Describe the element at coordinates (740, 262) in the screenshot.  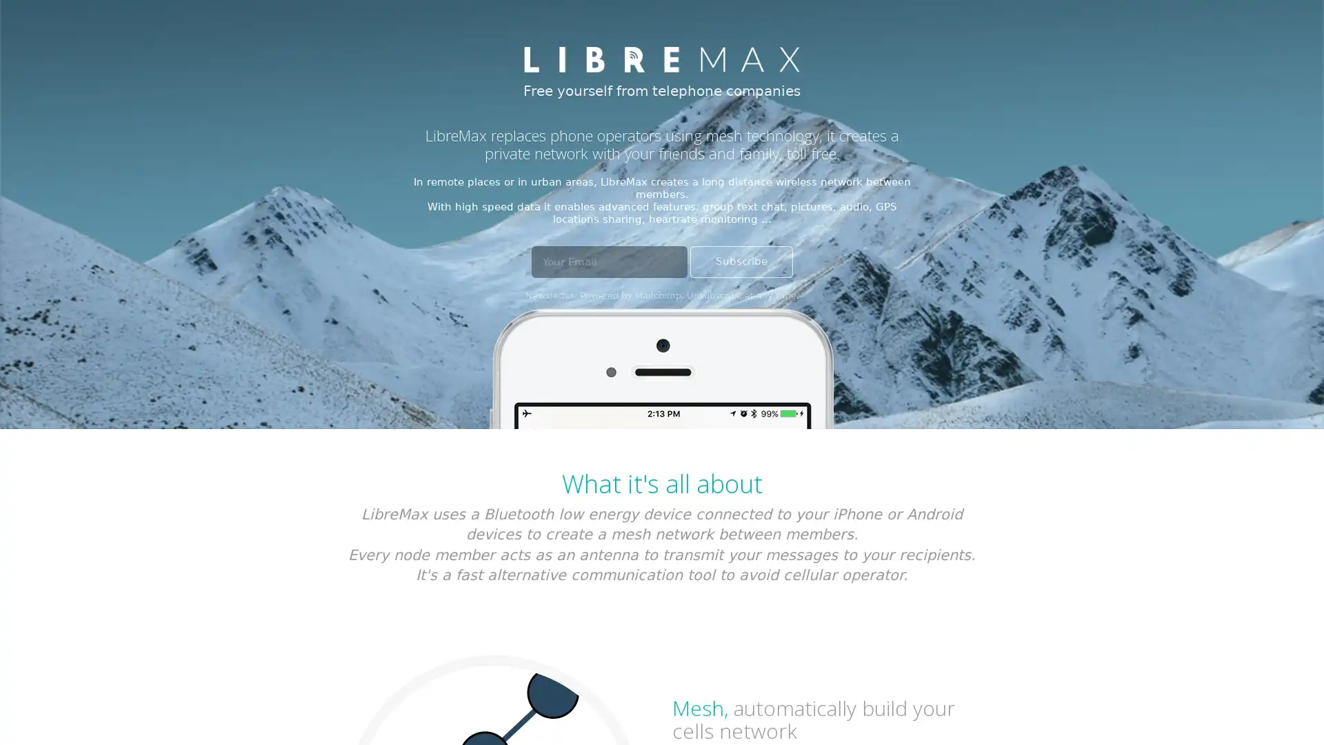
I see `Subscribe` at that location.